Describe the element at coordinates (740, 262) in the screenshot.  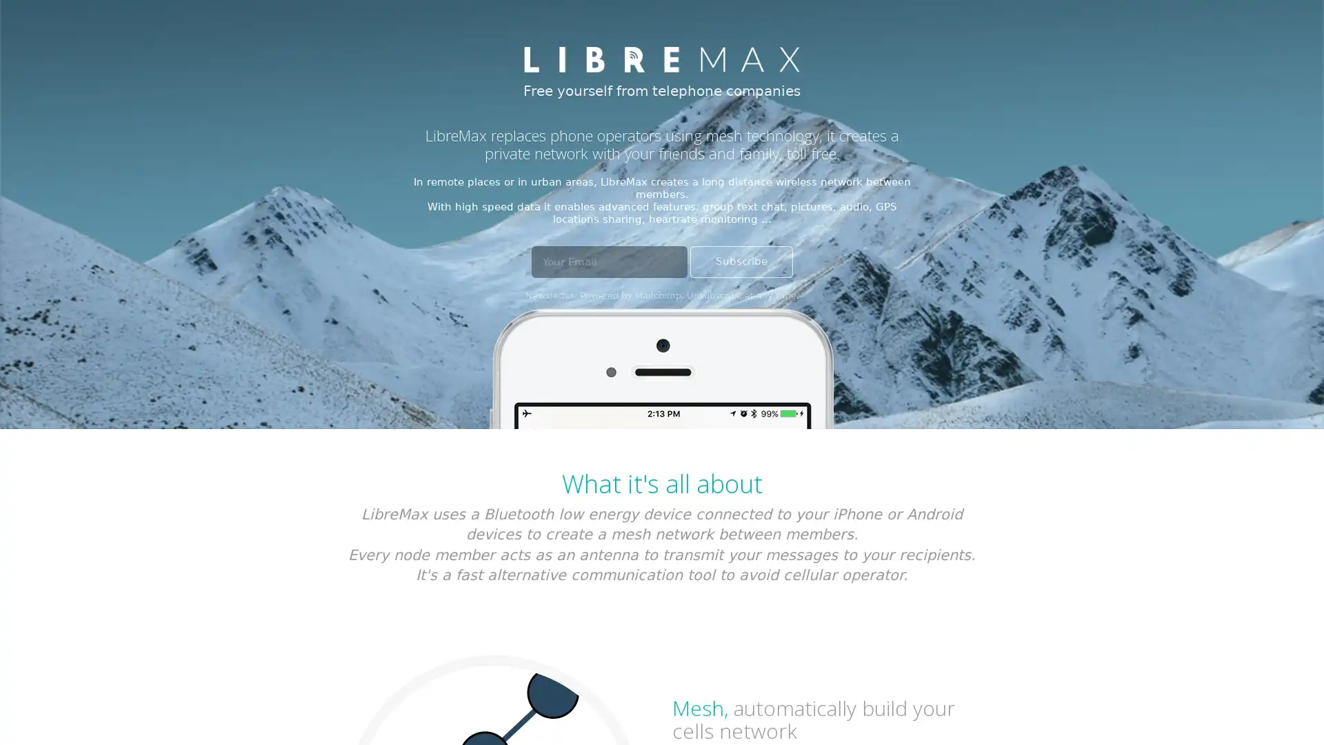
I see `Subscribe` at that location.